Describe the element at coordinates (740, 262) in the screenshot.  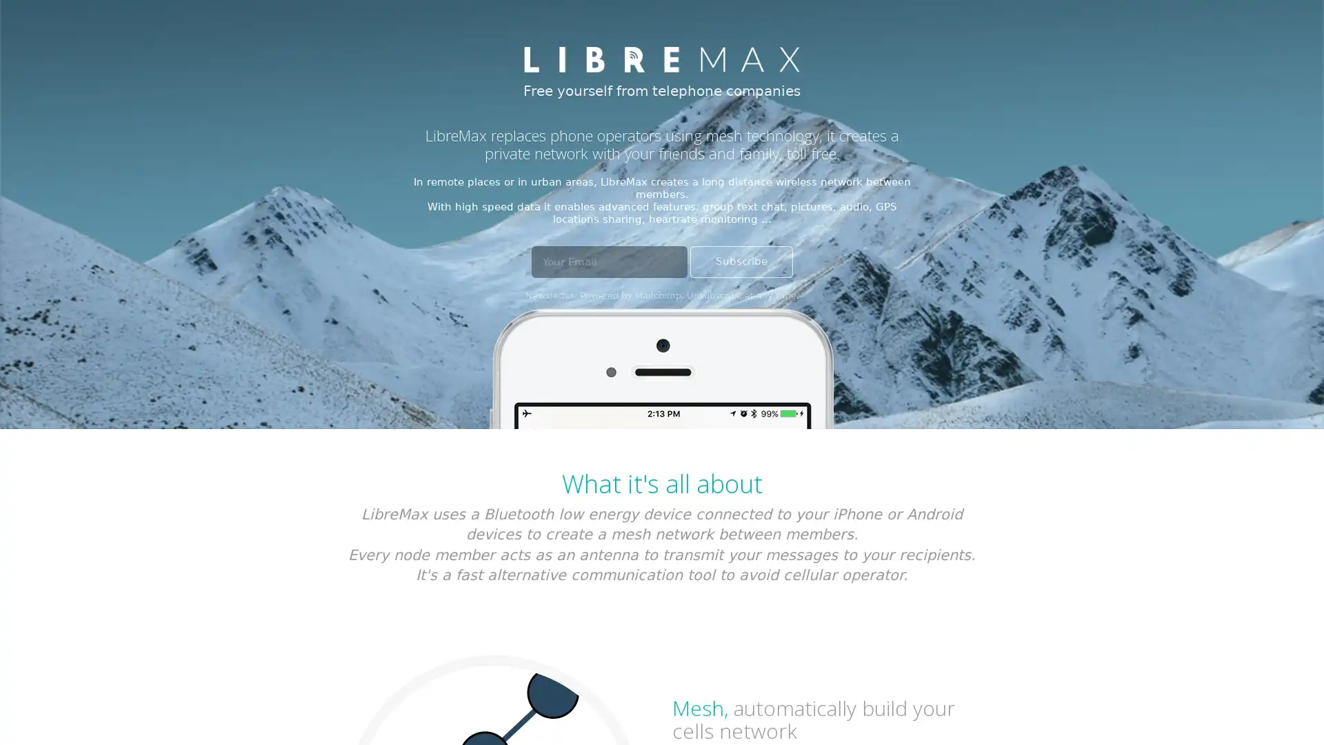
I see `Subscribe` at that location.